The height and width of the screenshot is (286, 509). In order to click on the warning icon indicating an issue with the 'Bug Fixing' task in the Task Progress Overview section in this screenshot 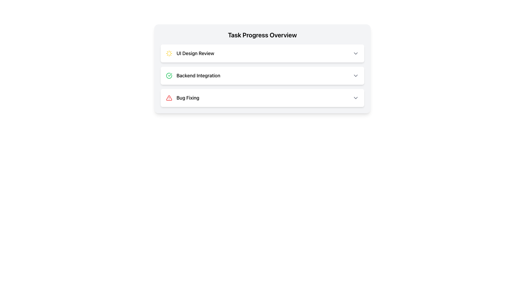, I will do `click(169, 98)`.